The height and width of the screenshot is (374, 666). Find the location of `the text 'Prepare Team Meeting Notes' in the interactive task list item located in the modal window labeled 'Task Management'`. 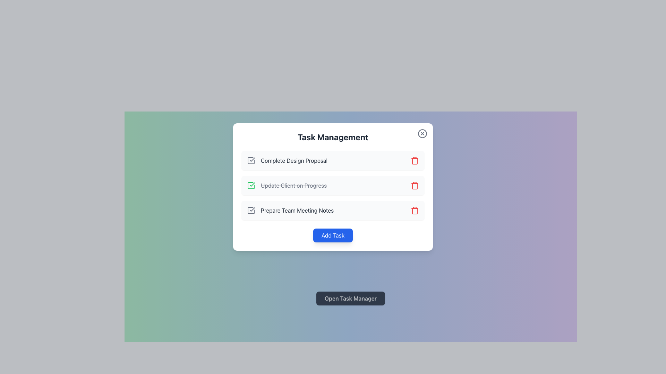

the text 'Prepare Team Meeting Notes' in the interactive task list item located in the modal window labeled 'Task Management' is located at coordinates (333, 210).